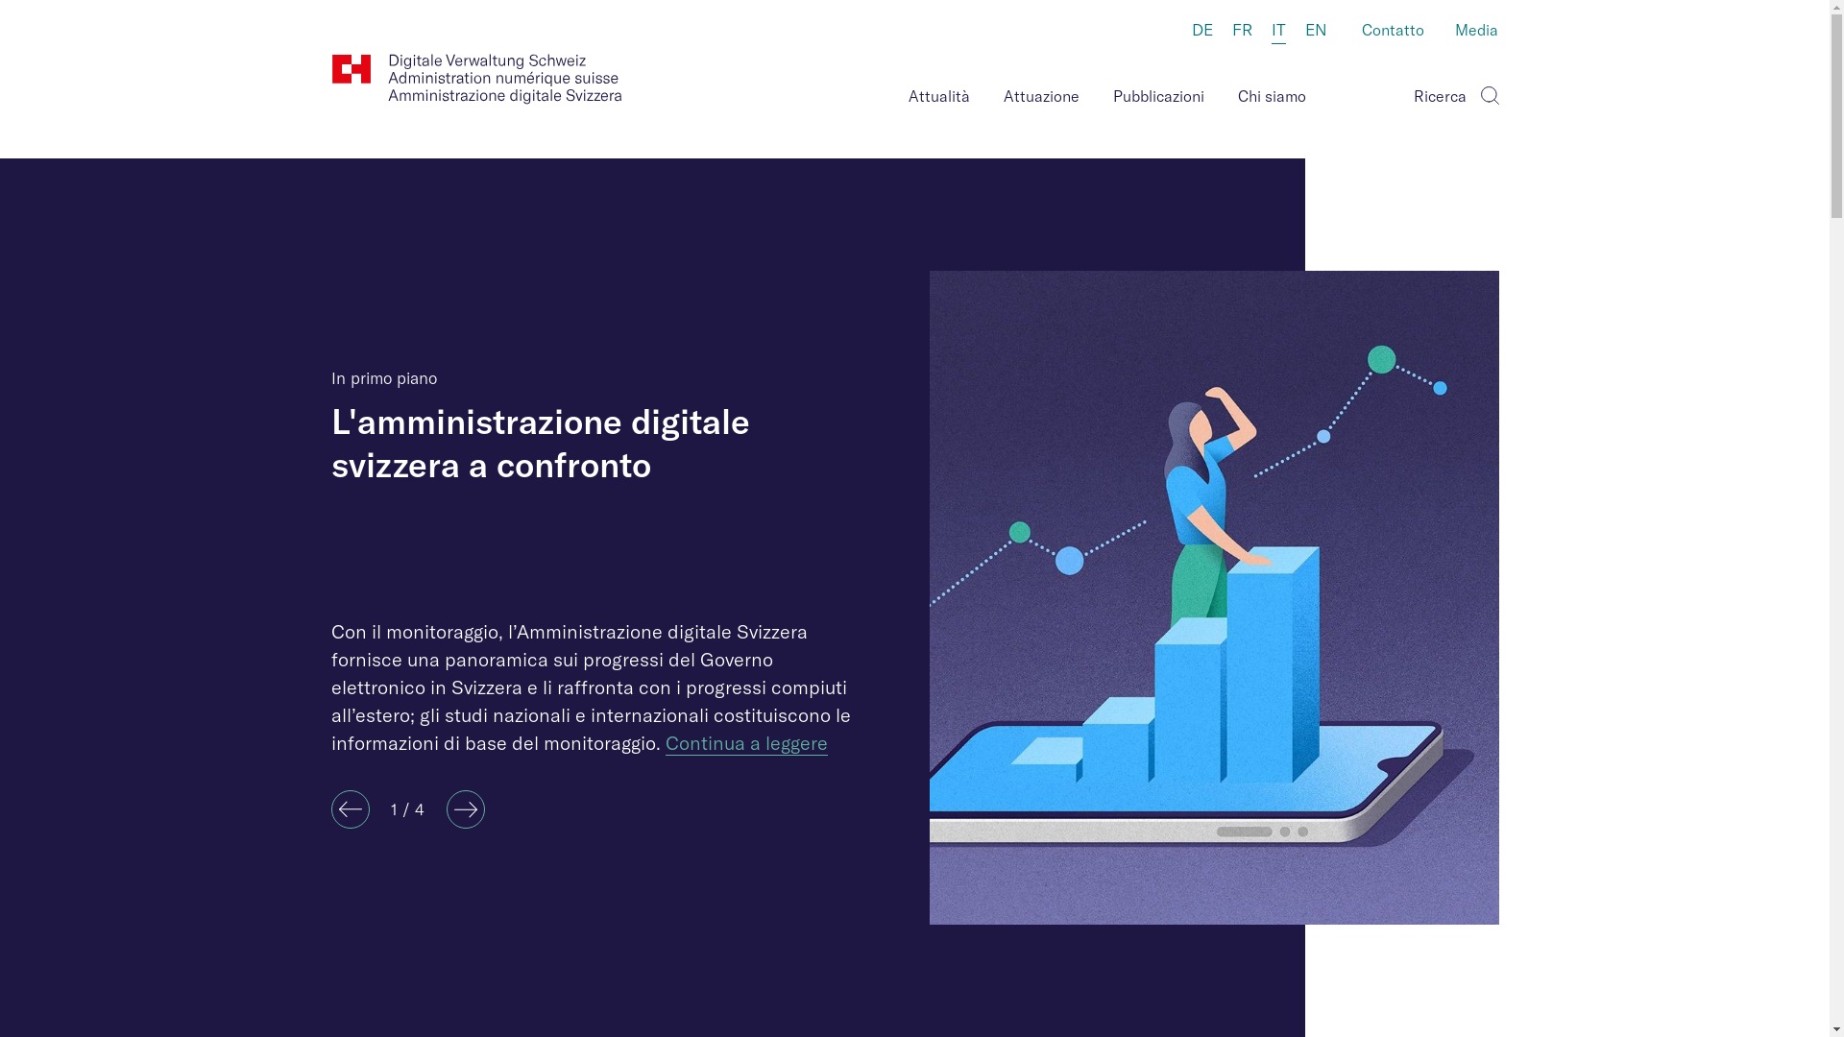 The height and width of the screenshot is (1037, 1844). Describe the element at coordinates (1201, 31) in the screenshot. I see `'DE'` at that location.